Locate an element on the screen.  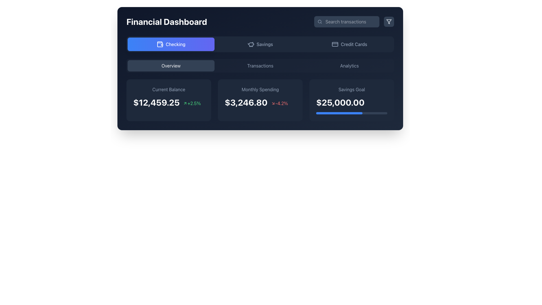
large, bold numeric value displaying the current balance of $12,459.25, which is styled in white against a dark background and located in the leftmost section of the financial metrics row under the 'Checking' tab is located at coordinates (156, 102).